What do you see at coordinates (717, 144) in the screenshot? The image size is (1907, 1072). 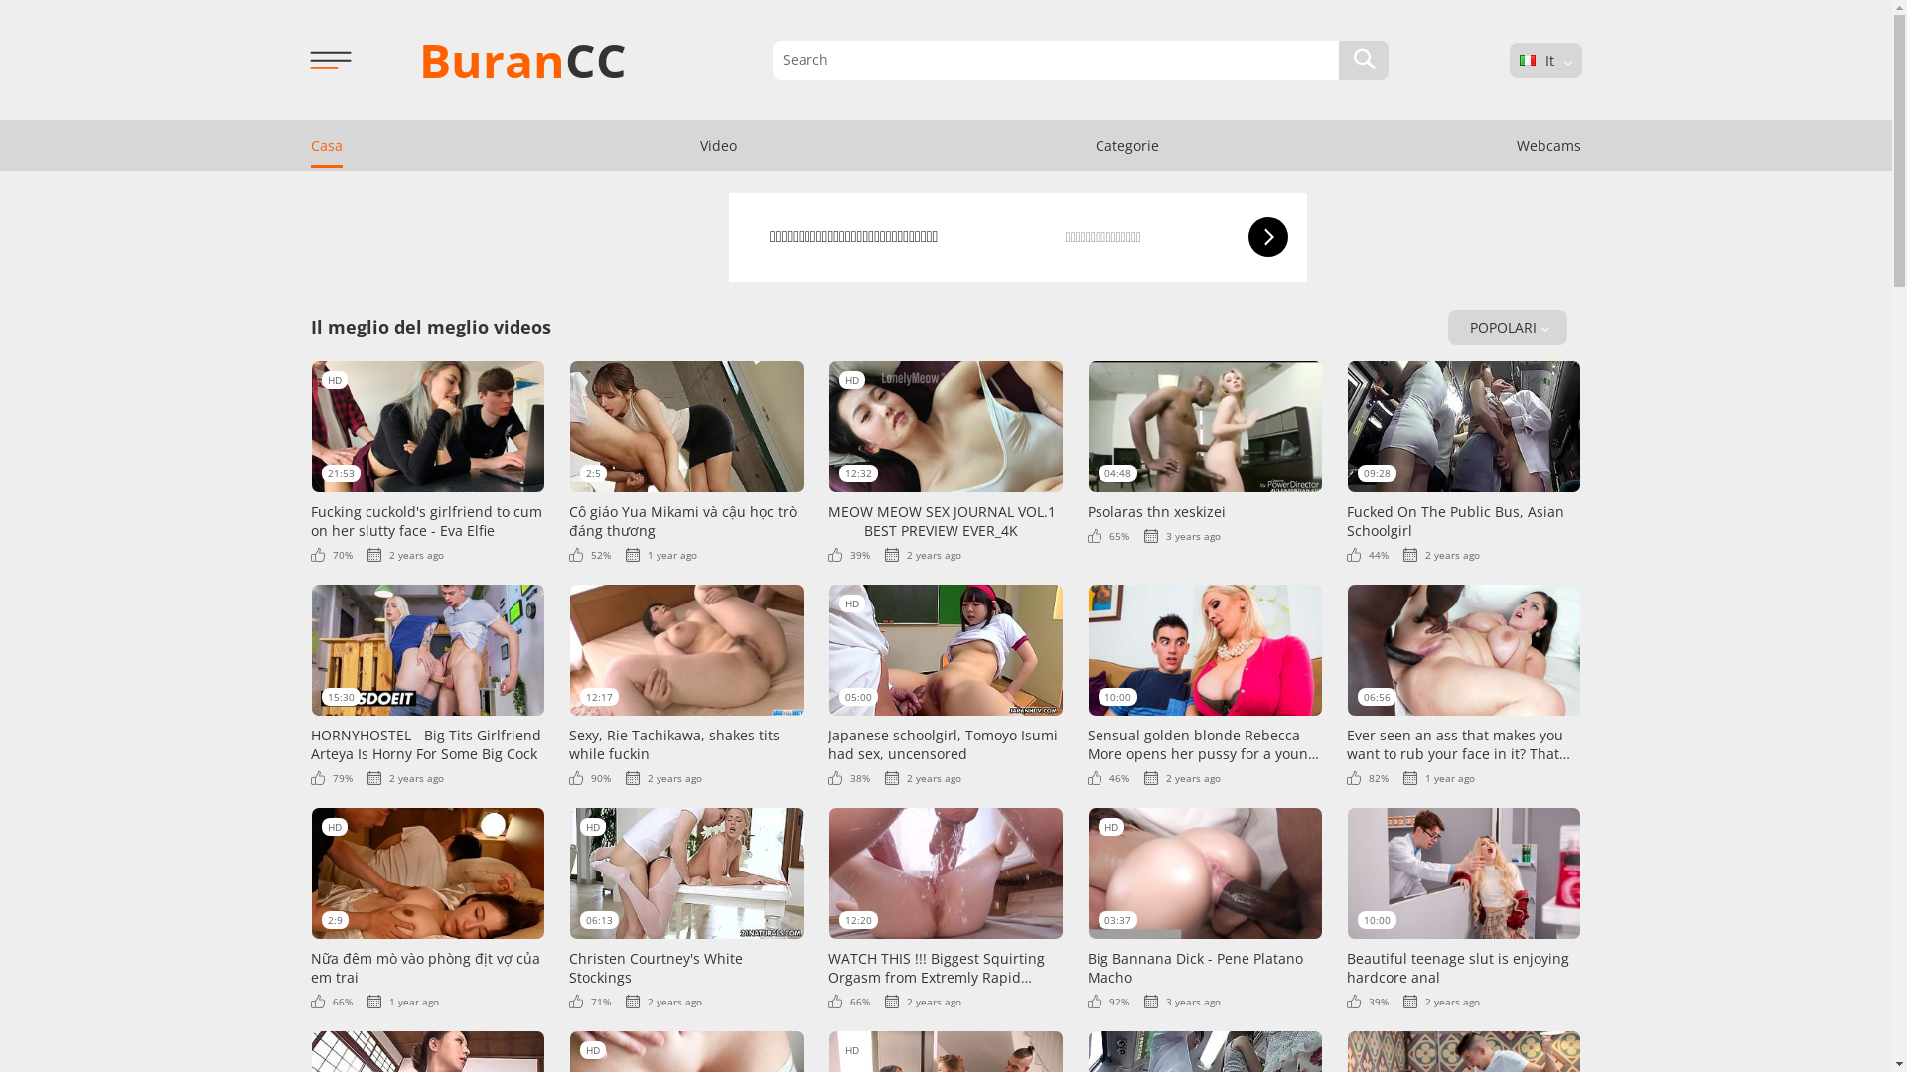 I see `'Video'` at bounding box center [717, 144].